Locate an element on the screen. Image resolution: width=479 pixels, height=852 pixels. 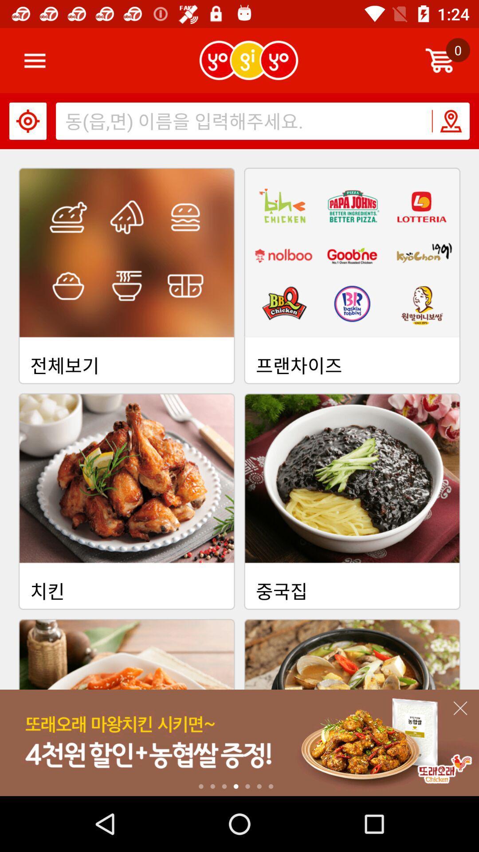
the location icon is located at coordinates (450, 121).